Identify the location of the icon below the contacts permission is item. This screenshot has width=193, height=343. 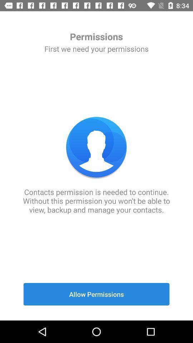
(96, 294).